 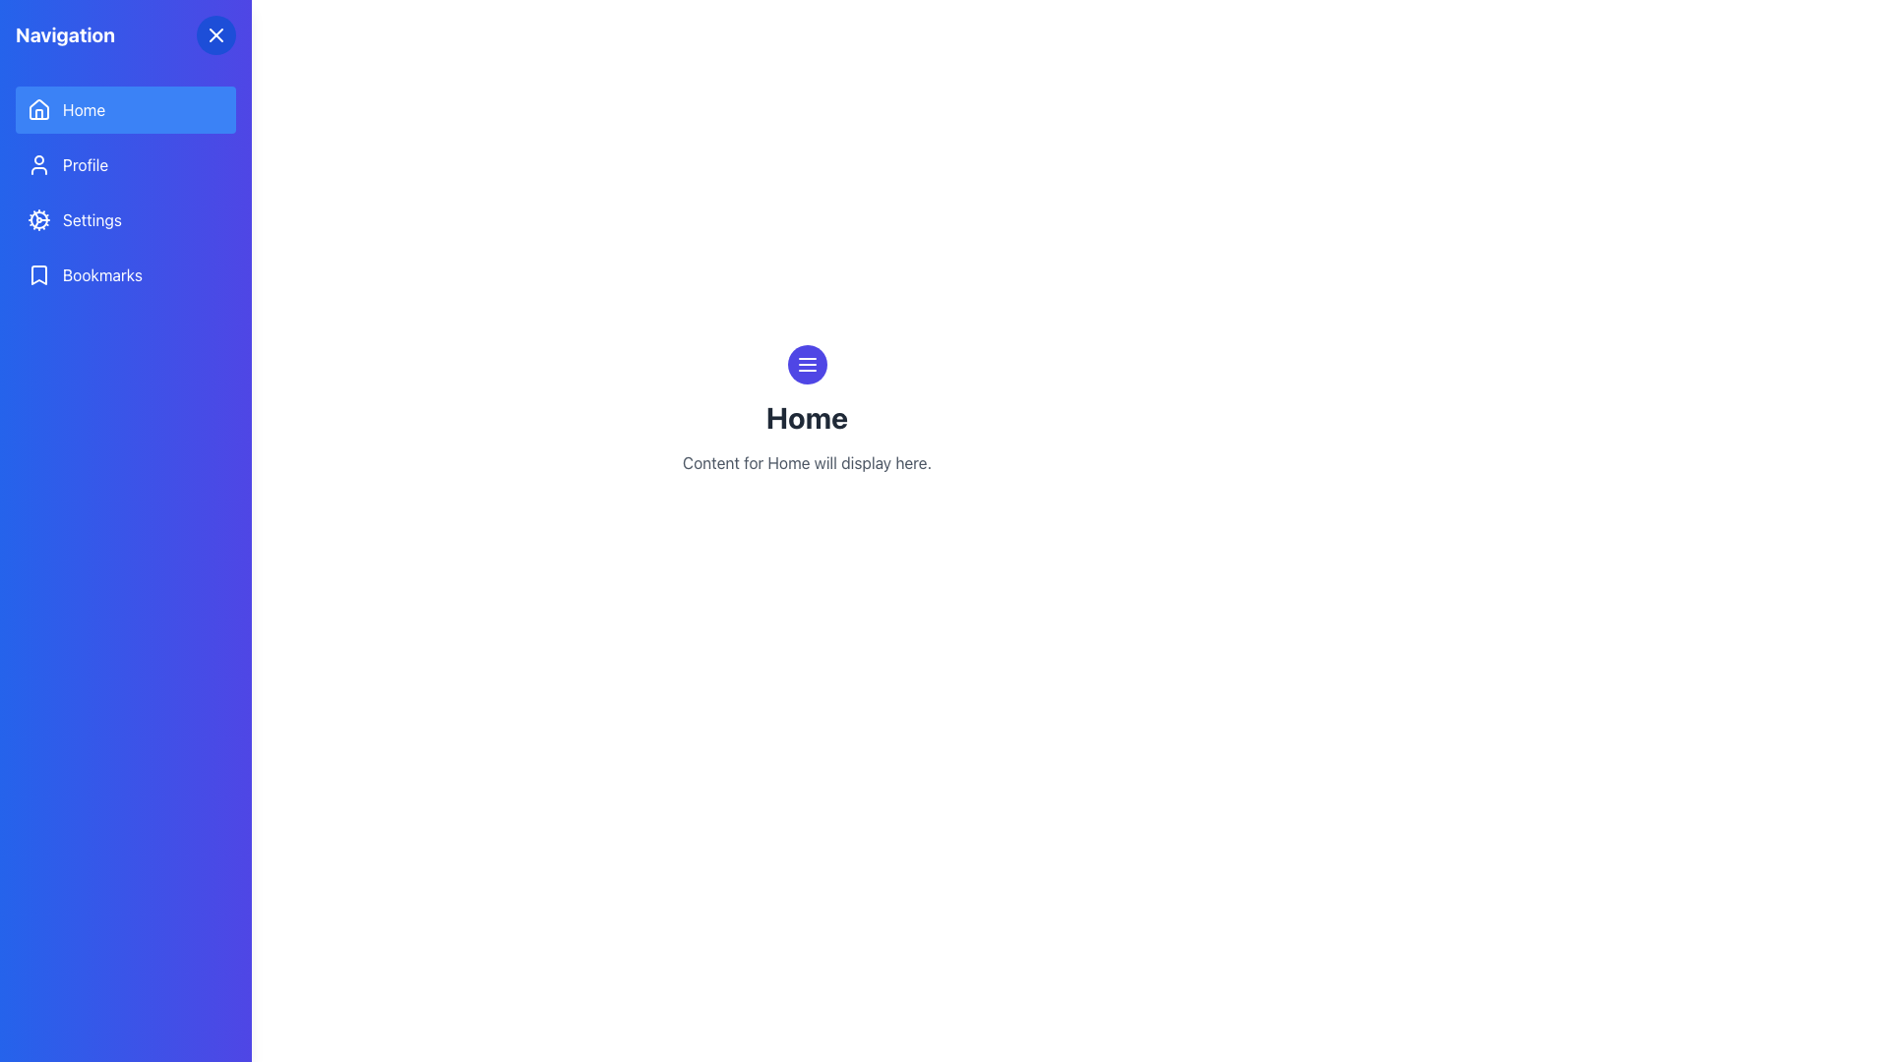 I want to click on the third button in the vertical sidebar menu that links to the settings page, located between the 'Profile' and 'Bookmarks' menu items, so click(x=125, y=219).